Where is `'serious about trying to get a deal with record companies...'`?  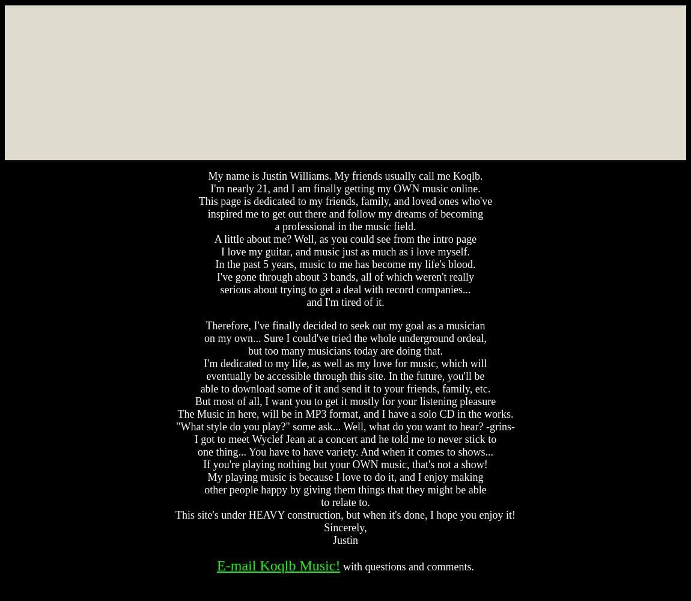
'serious about trying to get a deal with record companies...' is located at coordinates (220, 289).